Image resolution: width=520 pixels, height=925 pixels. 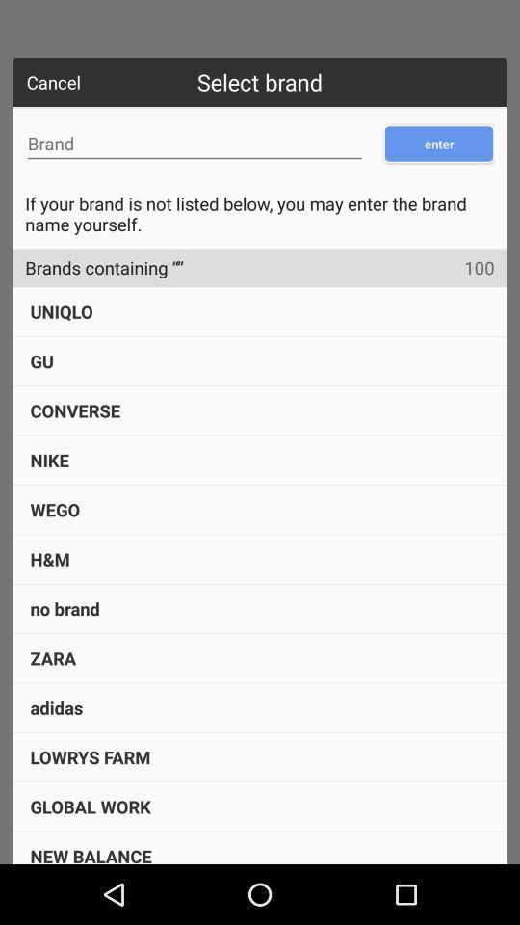 I want to click on icon below if your brand, so click(x=484, y=266).